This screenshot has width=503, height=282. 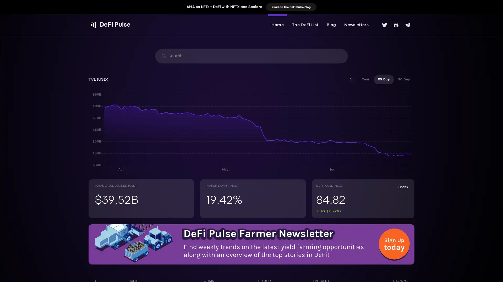 I want to click on 90 Day, so click(x=384, y=79).